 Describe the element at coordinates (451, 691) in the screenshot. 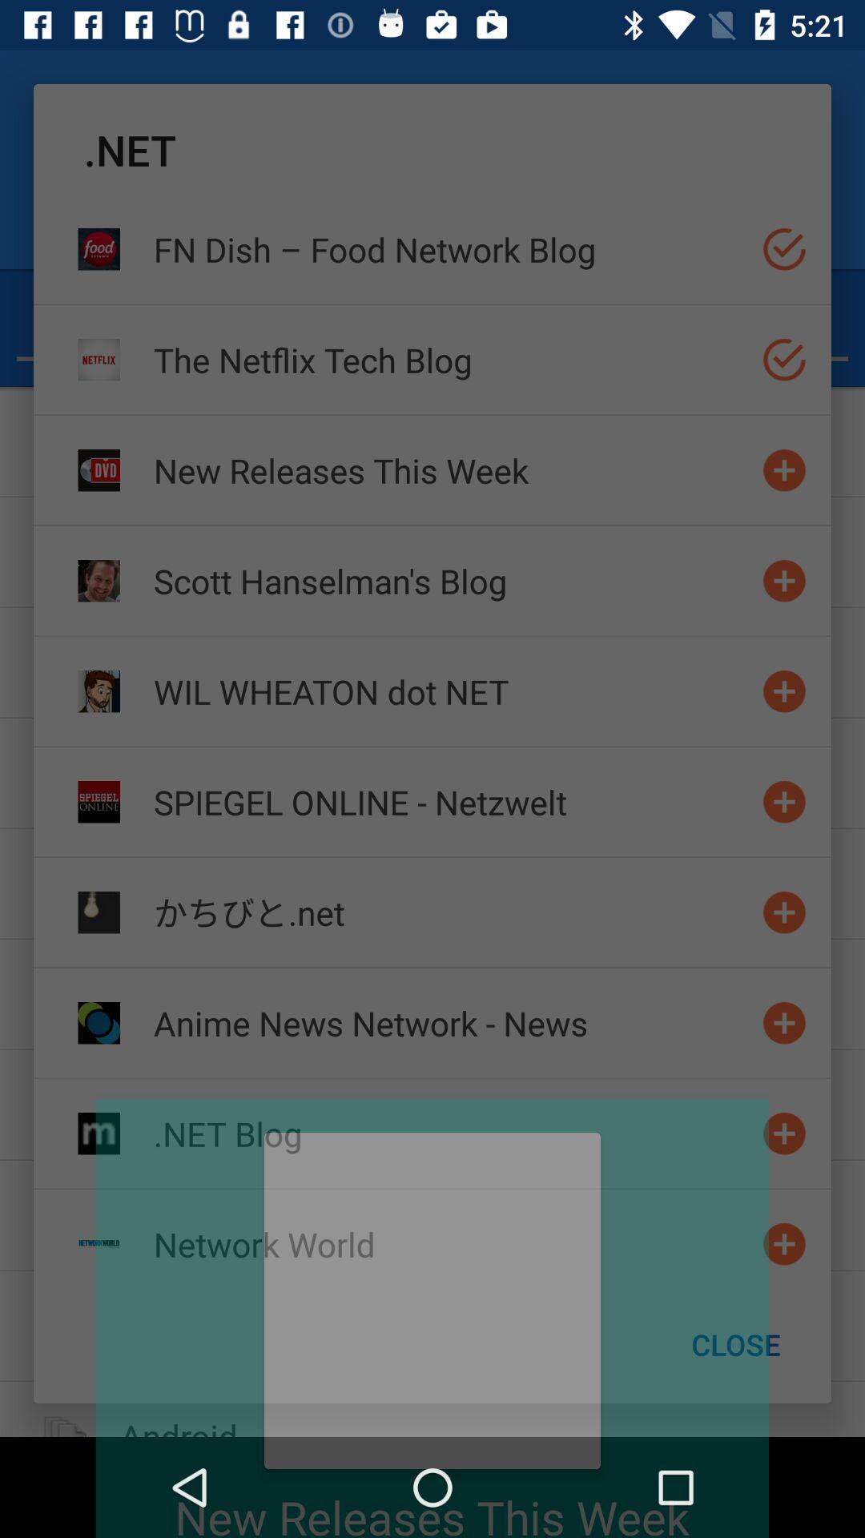

I see `wil wheaton dot icon` at that location.